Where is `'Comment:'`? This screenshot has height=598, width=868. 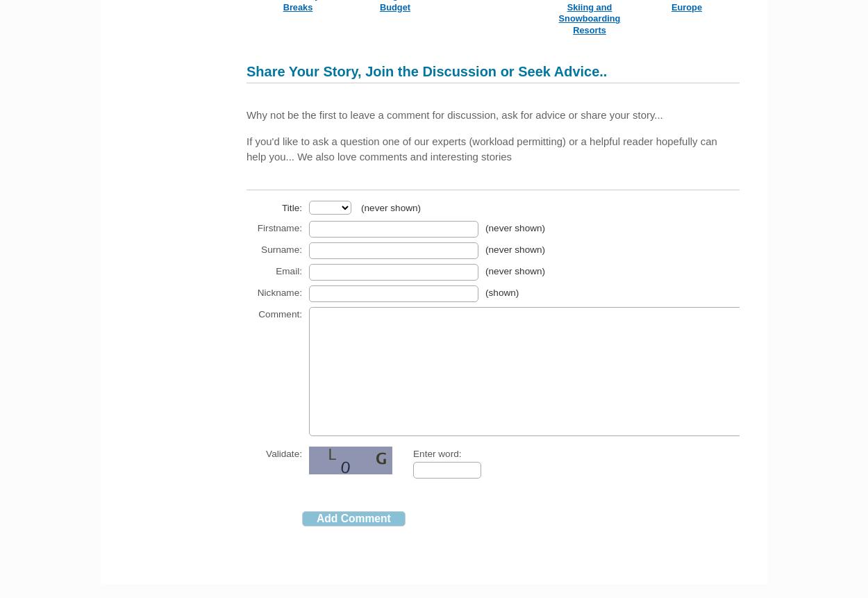
'Comment:' is located at coordinates (280, 313).